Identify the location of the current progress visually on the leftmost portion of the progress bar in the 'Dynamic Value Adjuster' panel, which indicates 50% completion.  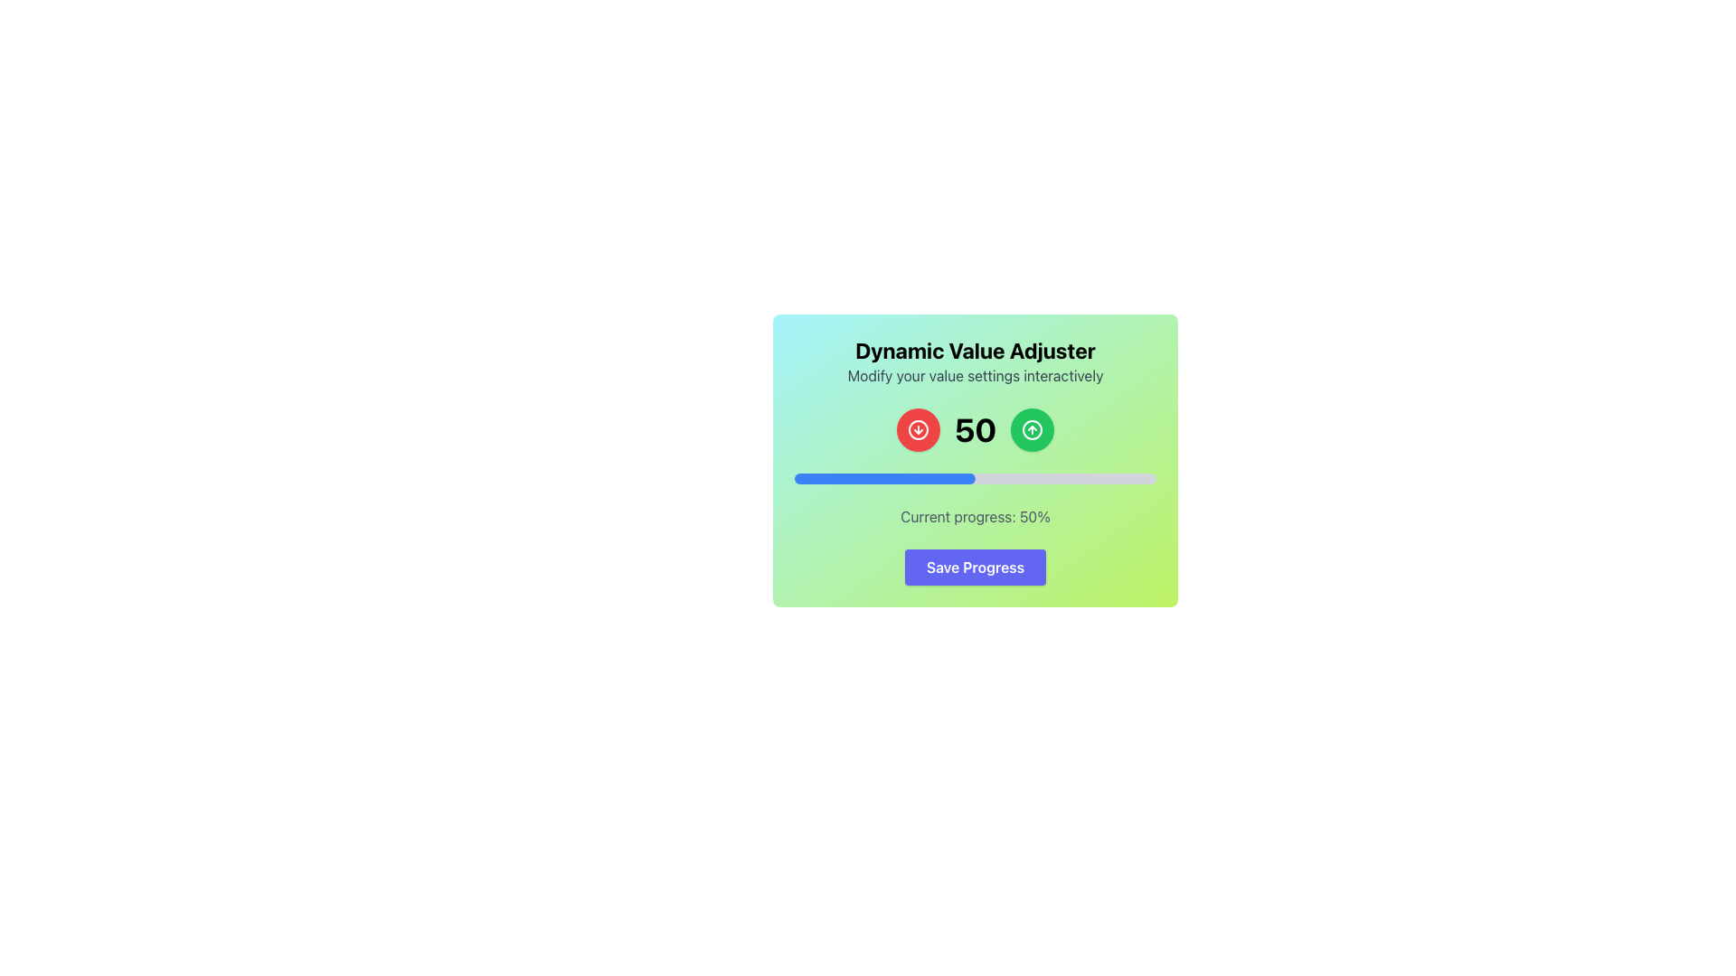
(885, 477).